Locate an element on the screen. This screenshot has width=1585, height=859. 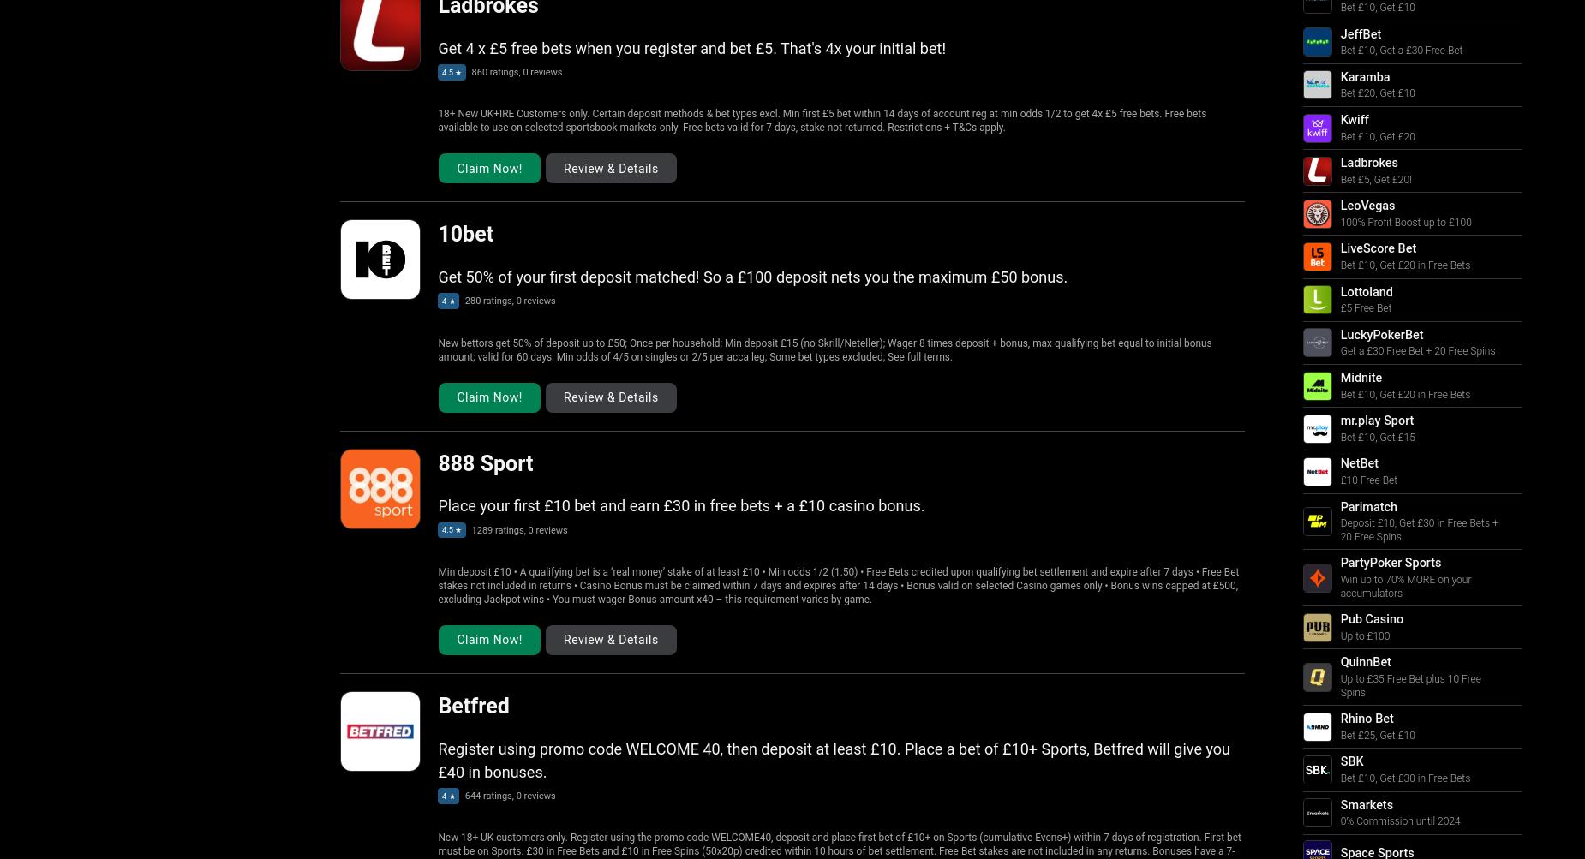
'Deposit £10, Get £30 in Free Bets + 20 Free Spins' is located at coordinates (1418, 529).